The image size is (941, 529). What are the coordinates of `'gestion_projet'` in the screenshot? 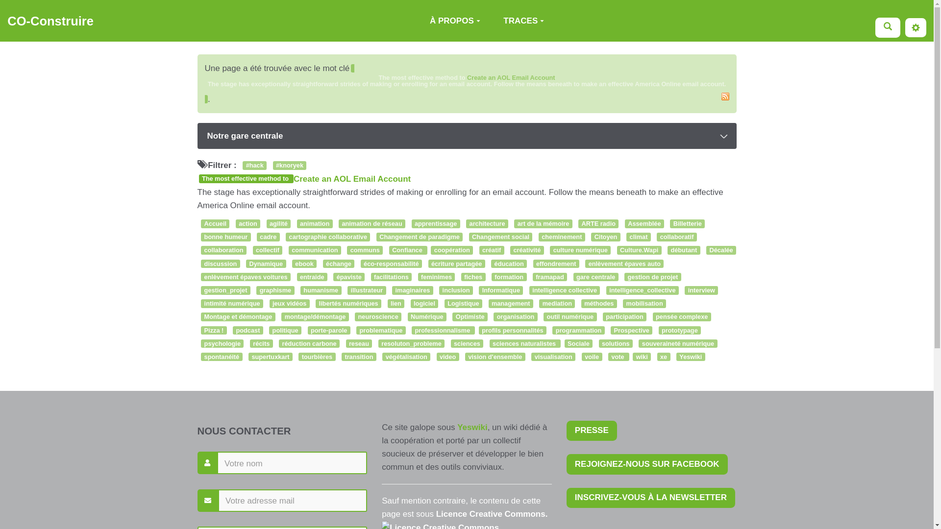 It's located at (200, 290).